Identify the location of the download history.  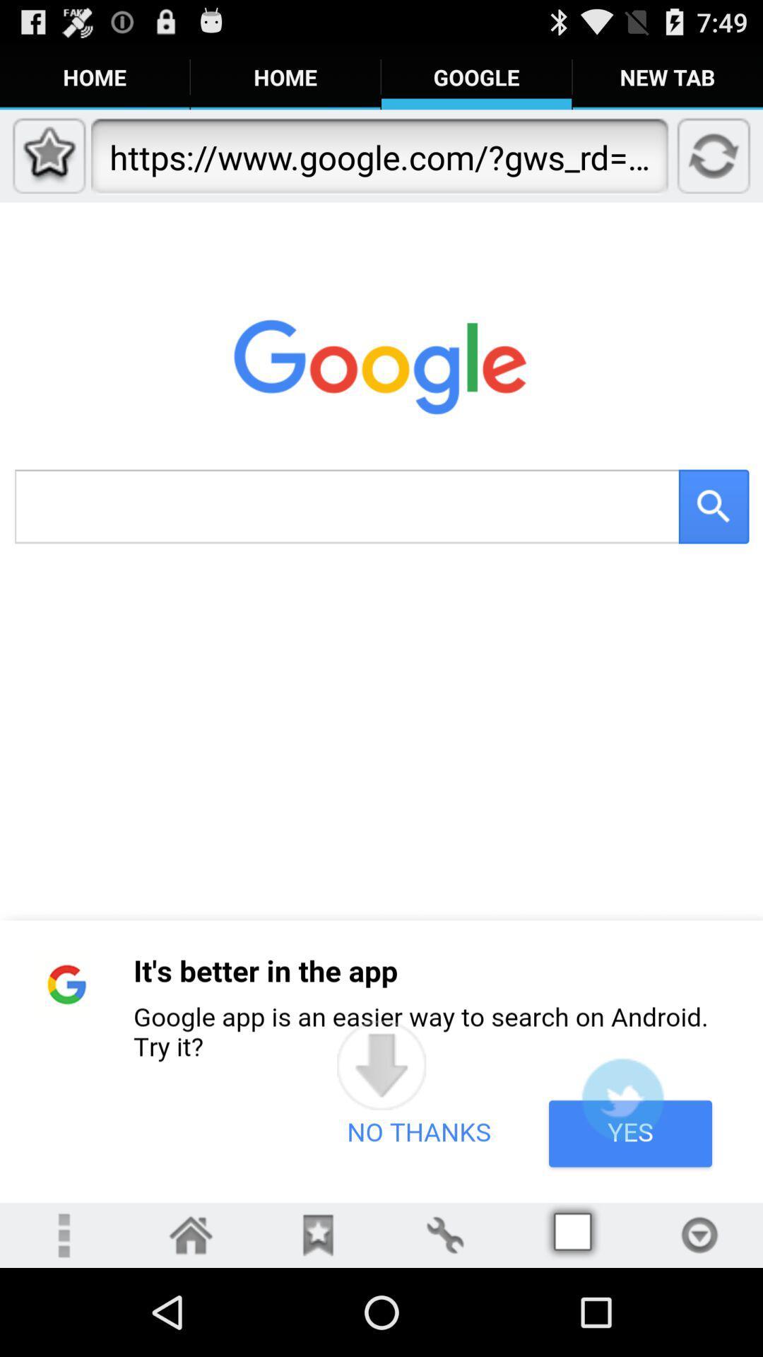
(699, 1234).